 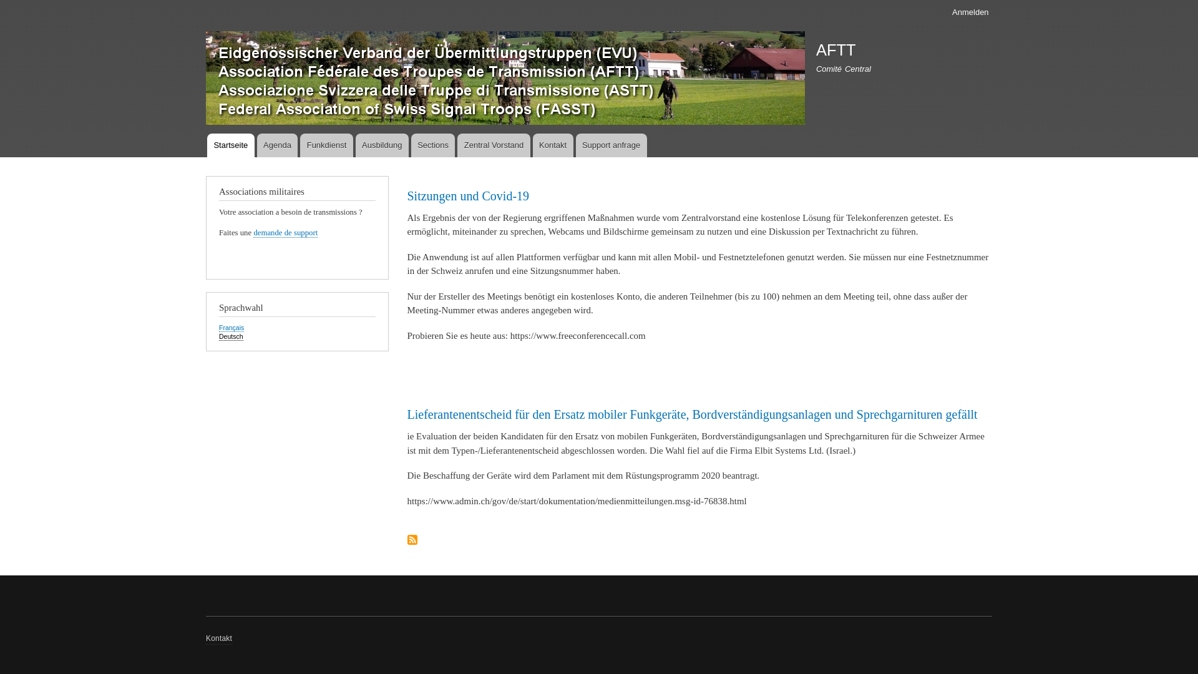 What do you see at coordinates (231, 336) in the screenshot?
I see `'Deutsch'` at bounding box center [231, 336].